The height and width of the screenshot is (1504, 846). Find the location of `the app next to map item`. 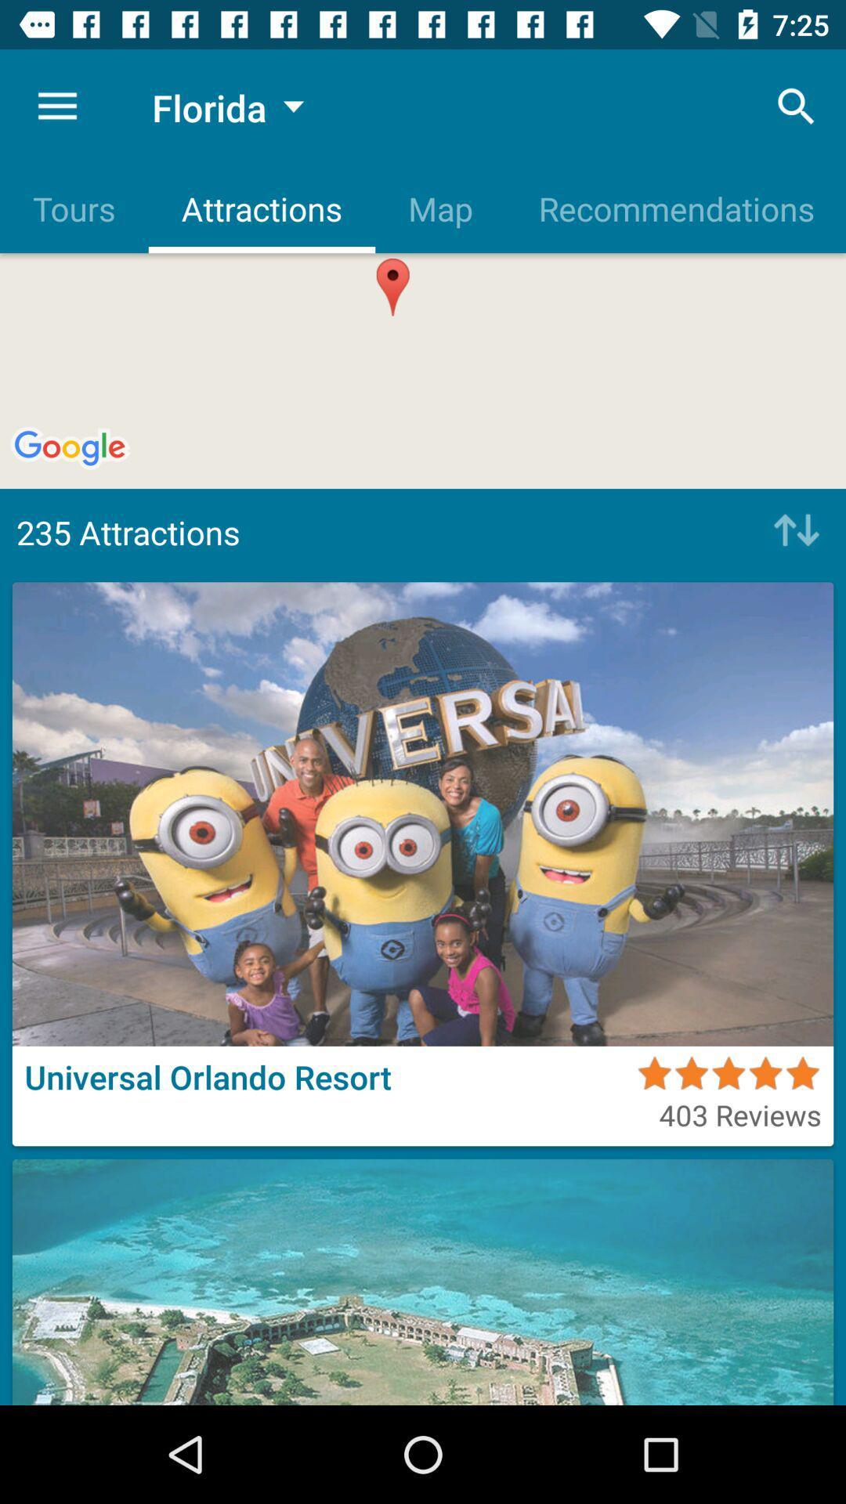

the app next to map item is located at coordinates (797, 106).